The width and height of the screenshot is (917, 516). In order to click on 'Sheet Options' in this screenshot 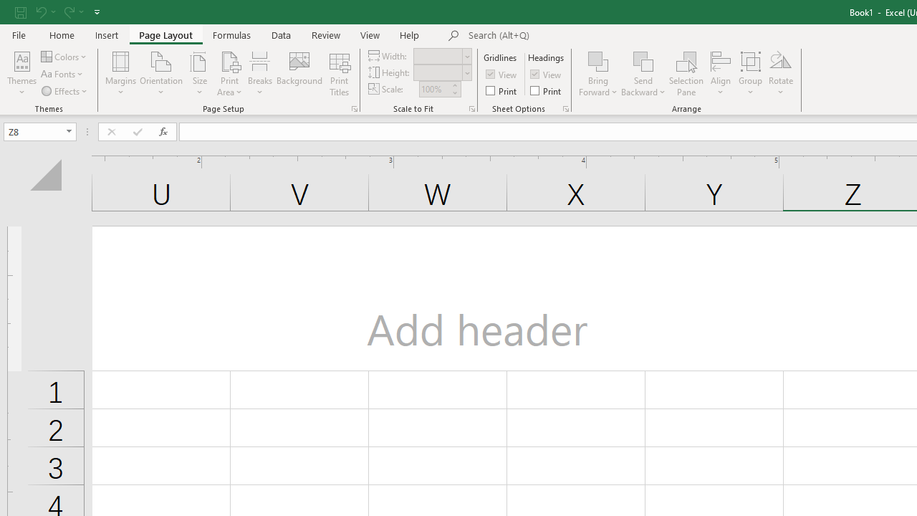, I will do `click(565, 107)`.